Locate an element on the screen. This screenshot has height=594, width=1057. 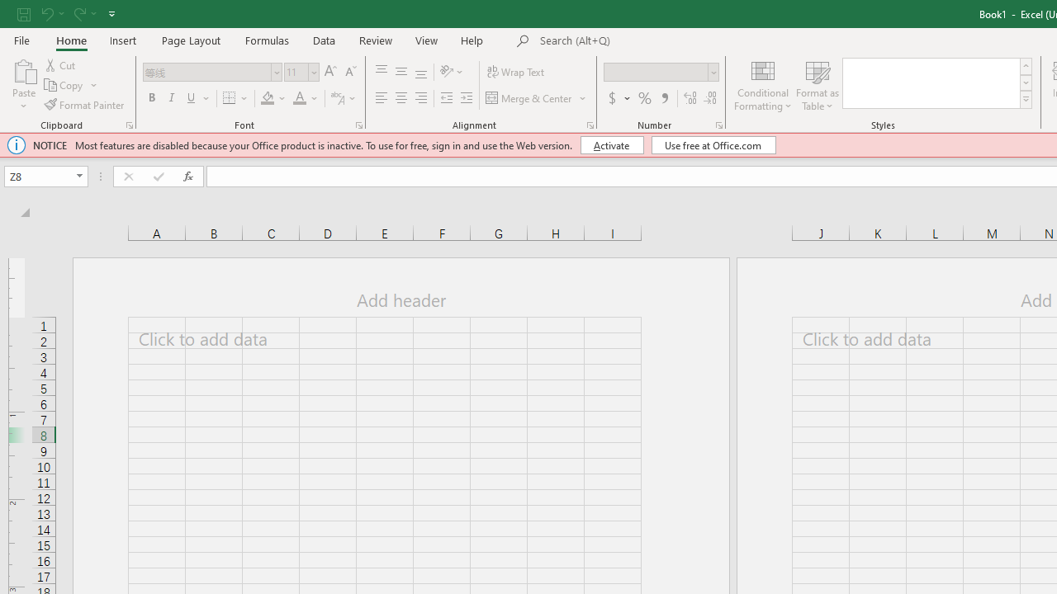
'Office Clipboard...' is located at coordinates (128, 124).